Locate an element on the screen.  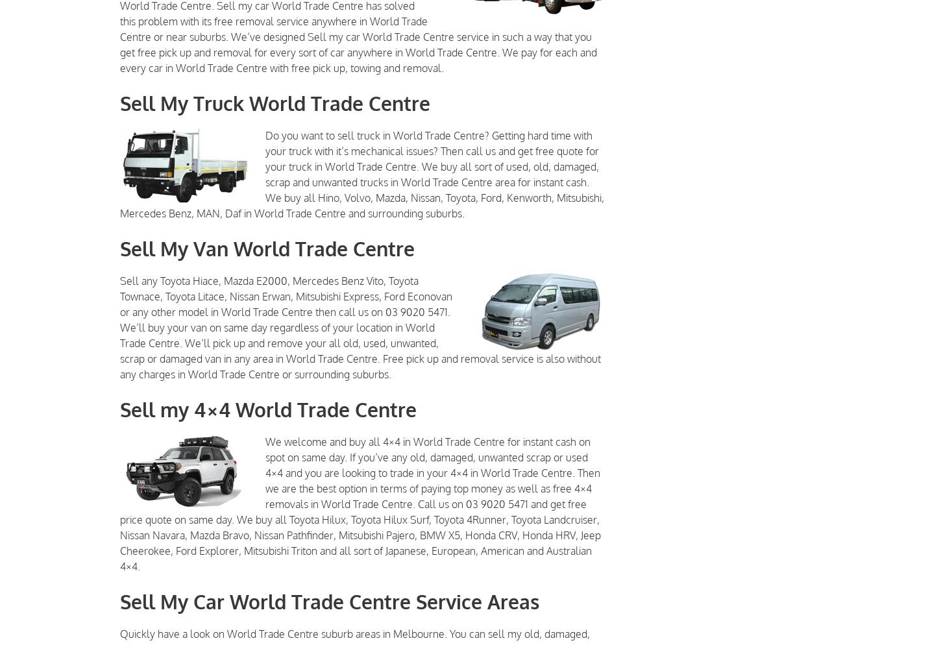
'Sell any Toyota Hiace, Mazda E2000, Mercedes Benz Vito, Toyota Townace, Toyota Litace, Nissan Erwan, Mitsubishi Express, Ford Econovan or any other model in World Trade Centre then call us on 03 9020 5471. We’ll buy your van on same day regardless of your location in World Trade Centre. We’ll pick up and remove your all old, used, unwanted, scrap or damaged van in any area in World Trade Centre. Free pick up and removal service is also without any charges in World Trade Centre or surrounding suburbs.' is located at coordinates (360, 327).